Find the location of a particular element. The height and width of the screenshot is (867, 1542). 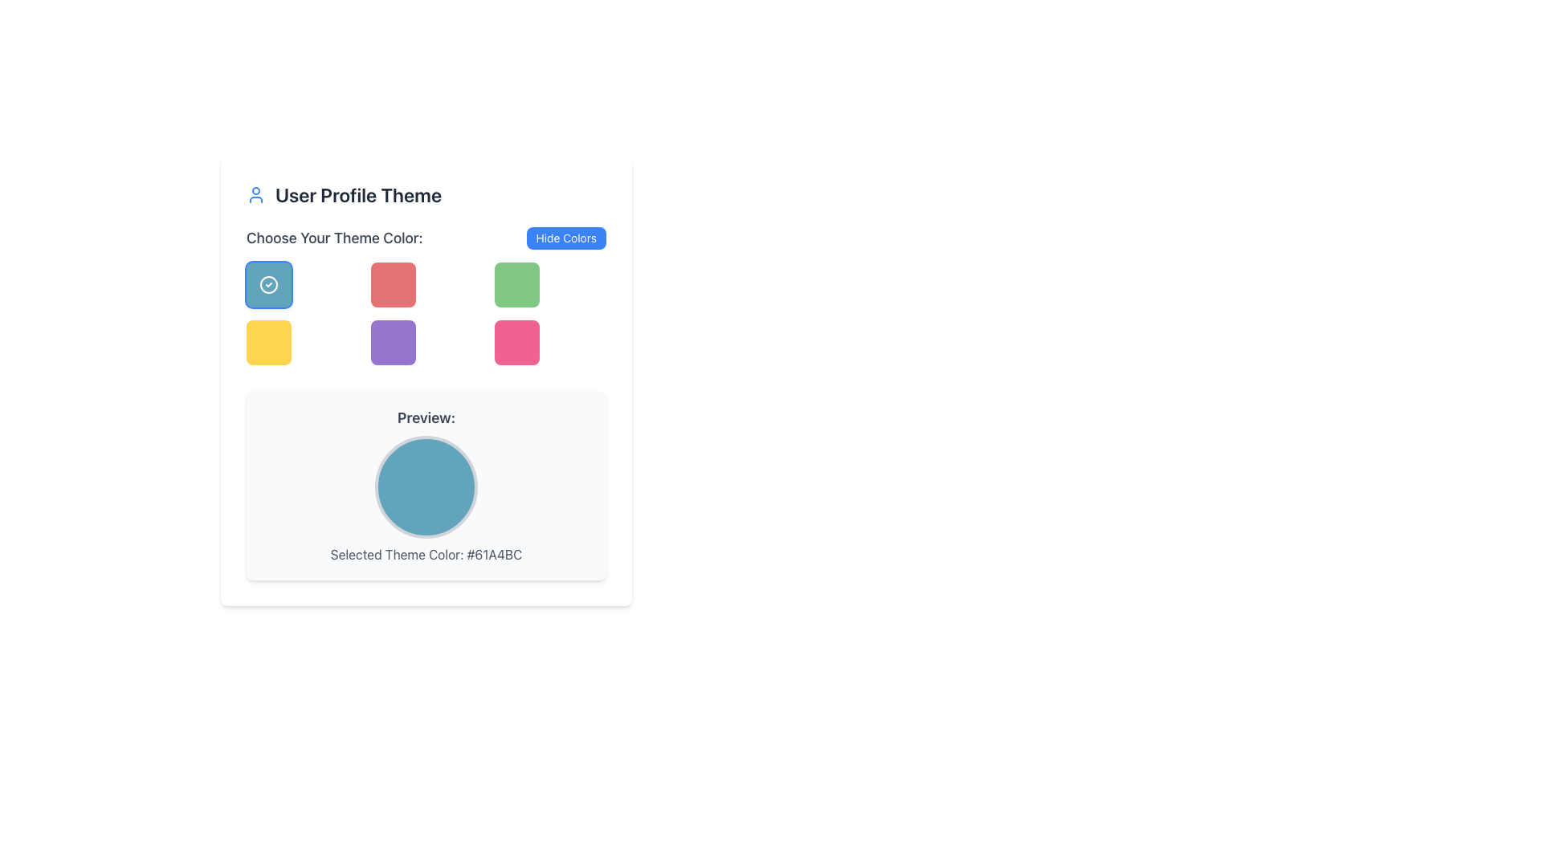

the blue button with a checkmark icon located in the first row and first column of the grid under the 'Choose Your Theme Color' label is located at coordinates (269, 283).